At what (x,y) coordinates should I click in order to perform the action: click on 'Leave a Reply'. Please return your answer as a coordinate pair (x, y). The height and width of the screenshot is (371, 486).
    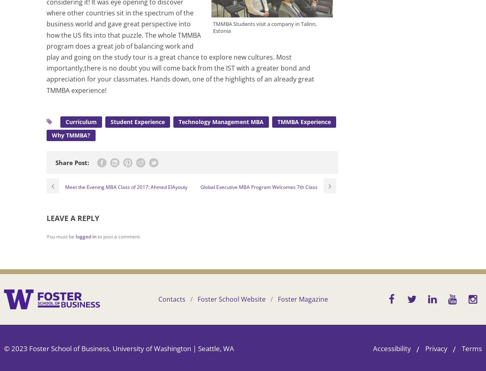
    Looking at the image, I should click on (72, 218).